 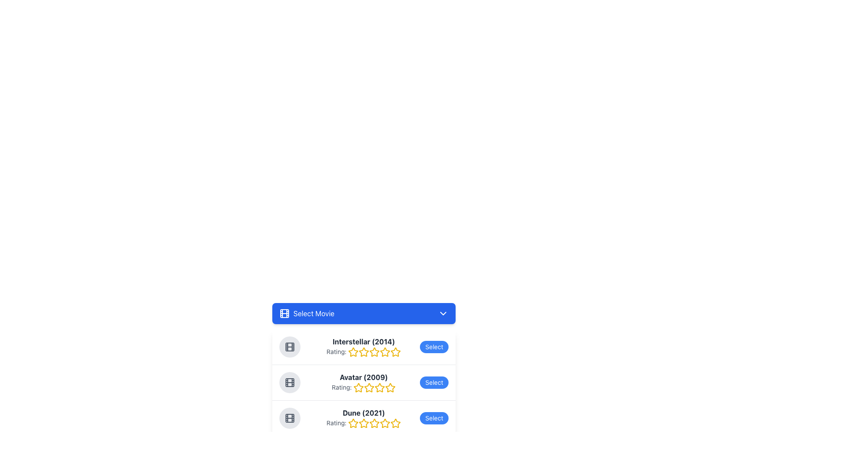 I want to click on the fifth rating star icon for the movie 'Interstellar (2014)' to interact with it, so click(x=395, y=352).